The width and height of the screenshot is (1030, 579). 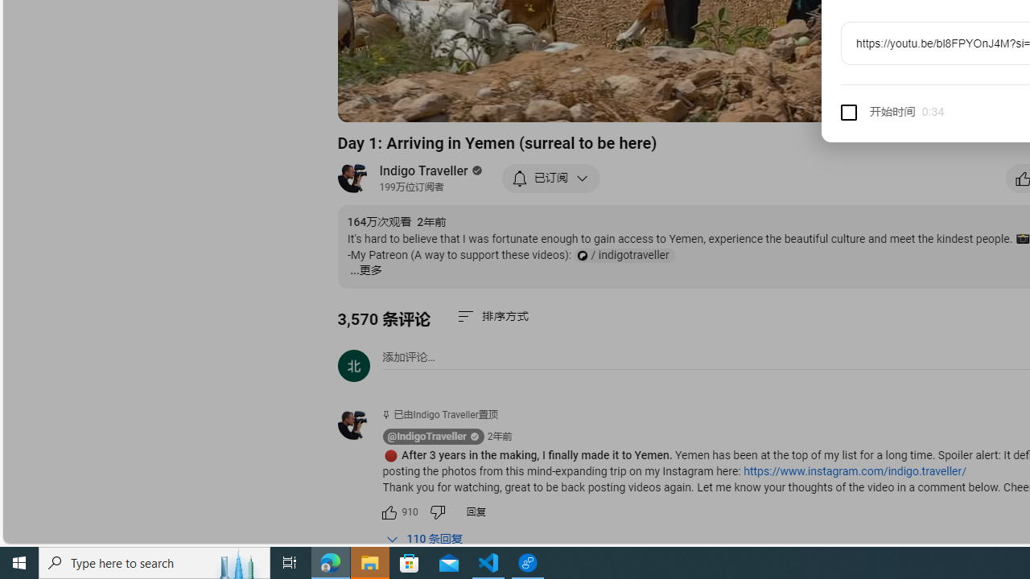 What do you see at coordinates (941, 112) in the screenshot?
I see `'Class: style-scope tp-yt-paper-input'` at bounding box center [941, 112].